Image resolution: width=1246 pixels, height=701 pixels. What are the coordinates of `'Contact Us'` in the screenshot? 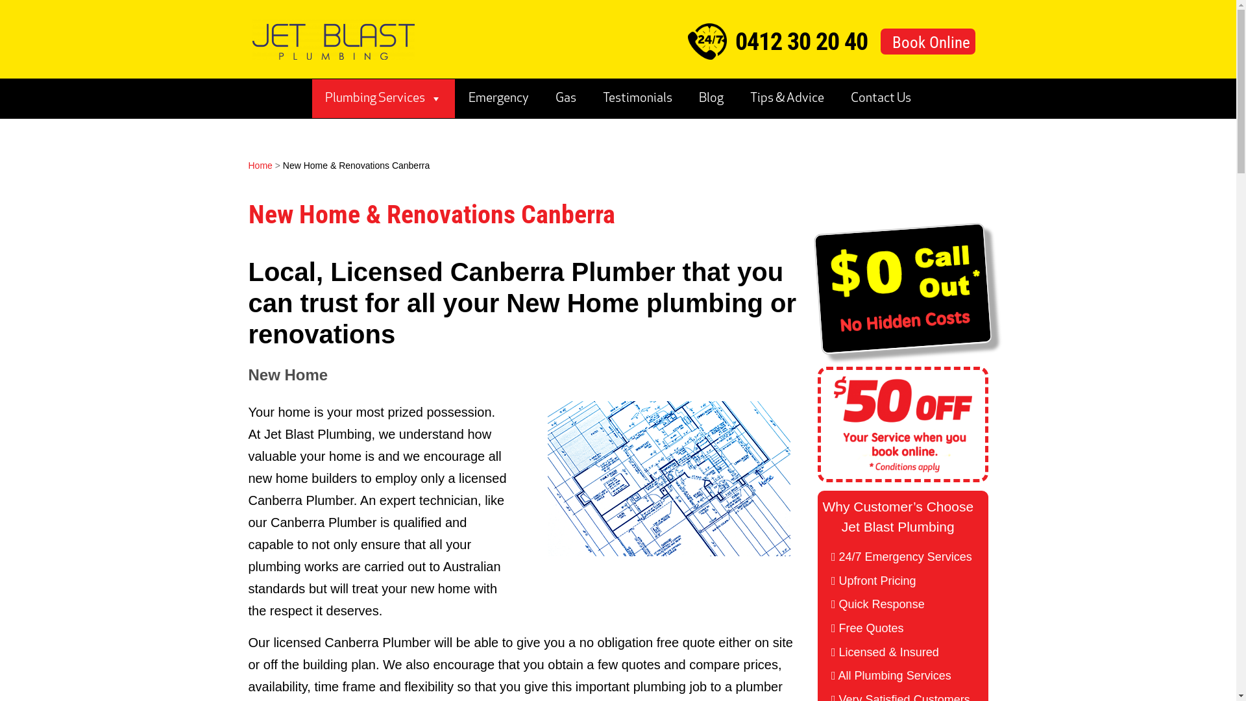 It's located at (881, 97).